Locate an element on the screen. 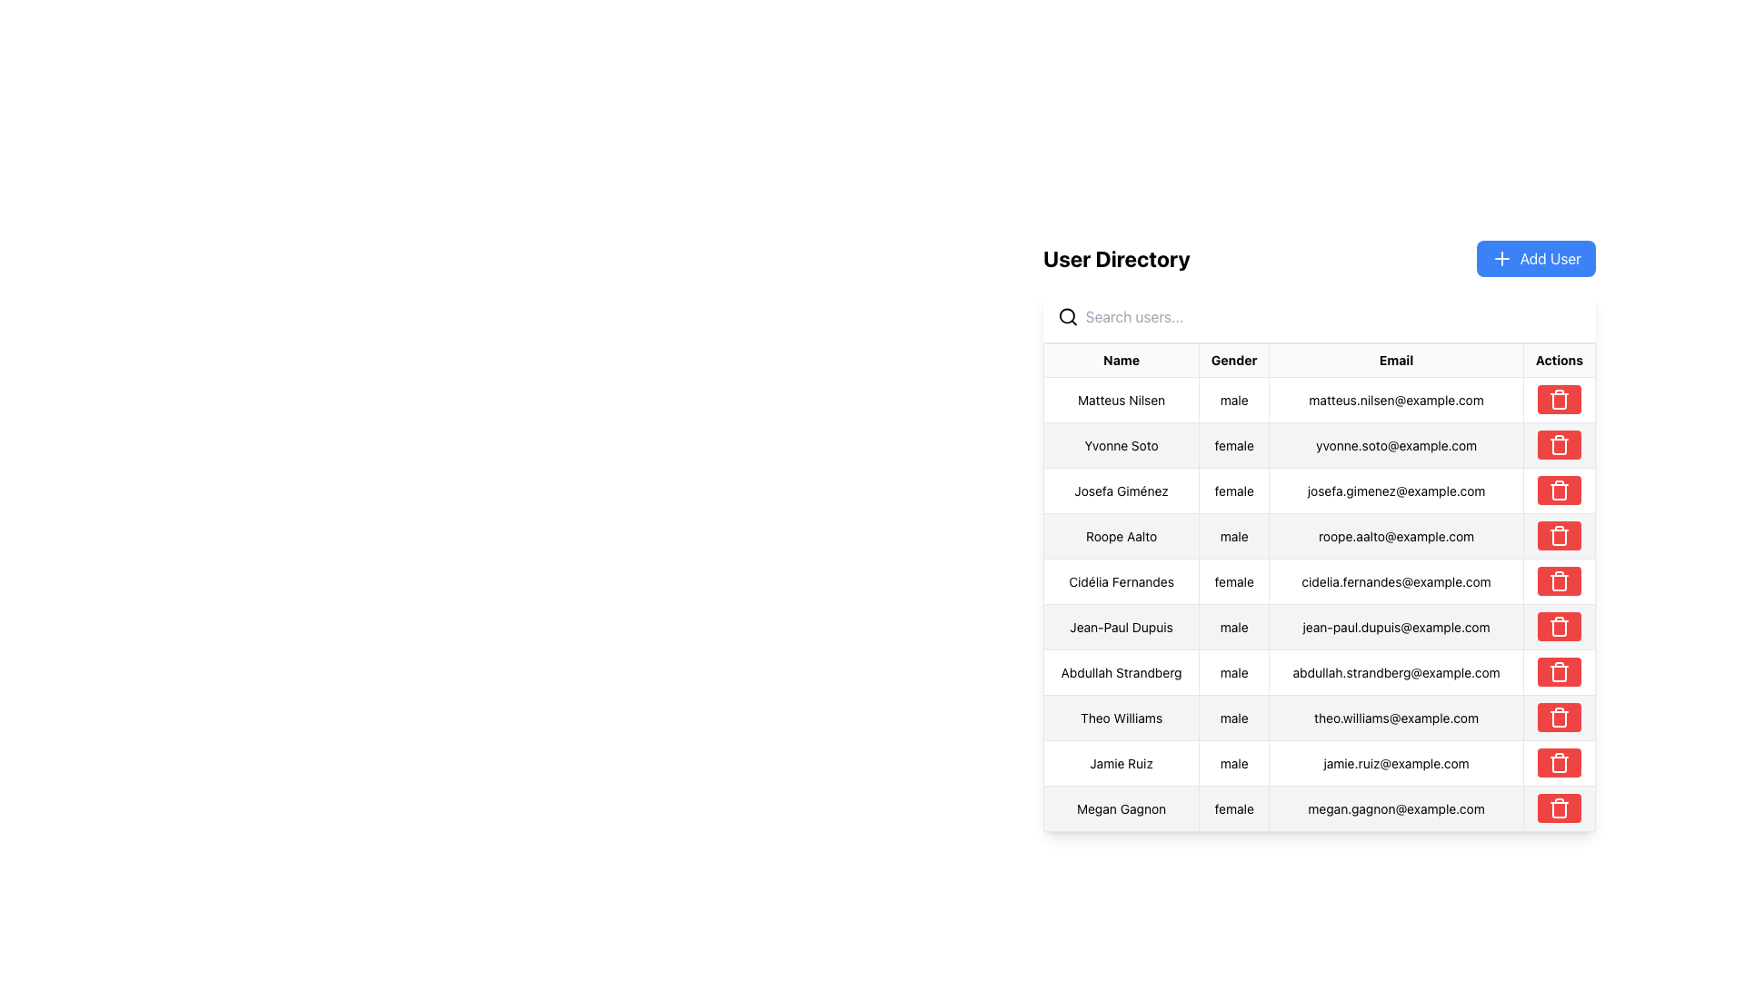 The width and height of the screenshot is (1745, 981). the Text Display element that shows the email address of the user 'Roope Aalto', located in the fourth row, third column labeled 'Email' is located at coordinates (1395, 535).